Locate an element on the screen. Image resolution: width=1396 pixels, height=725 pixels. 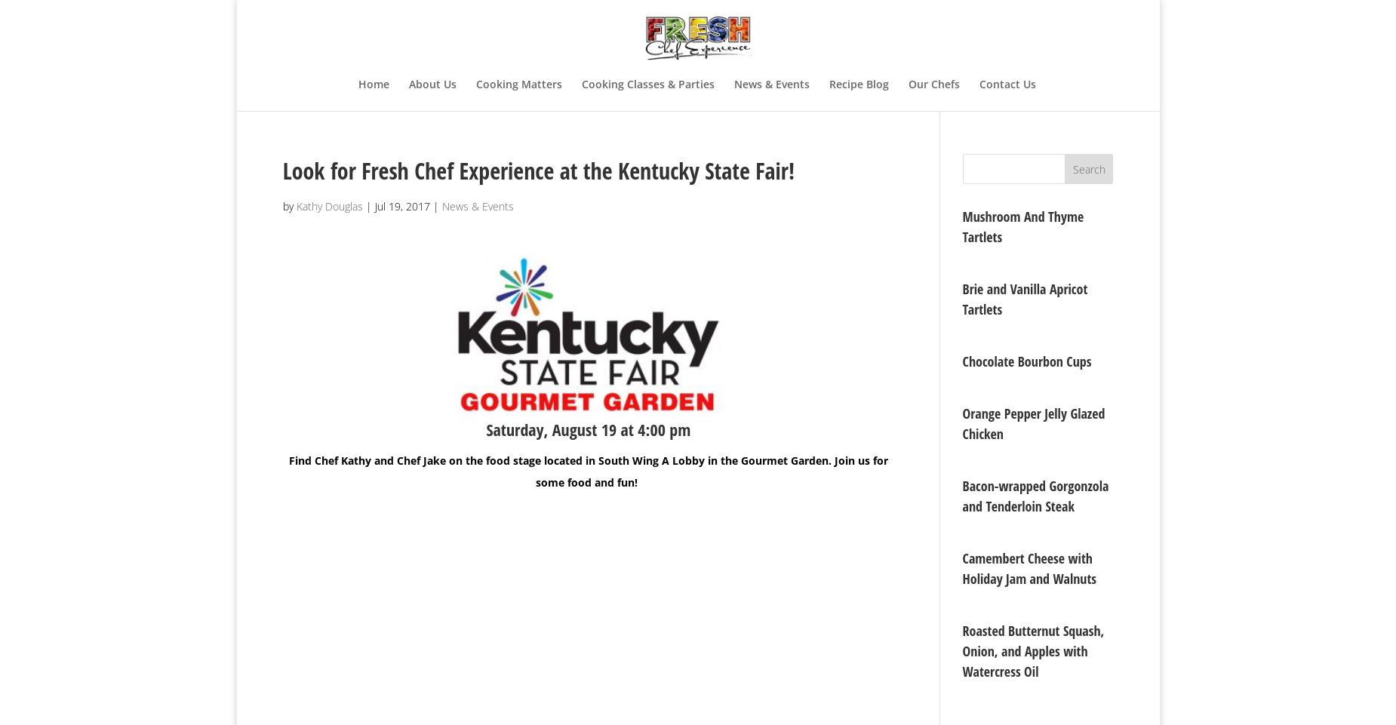
'Brie and Vanilla Apricot Tartlets' is located at coordinates (1024, 299).